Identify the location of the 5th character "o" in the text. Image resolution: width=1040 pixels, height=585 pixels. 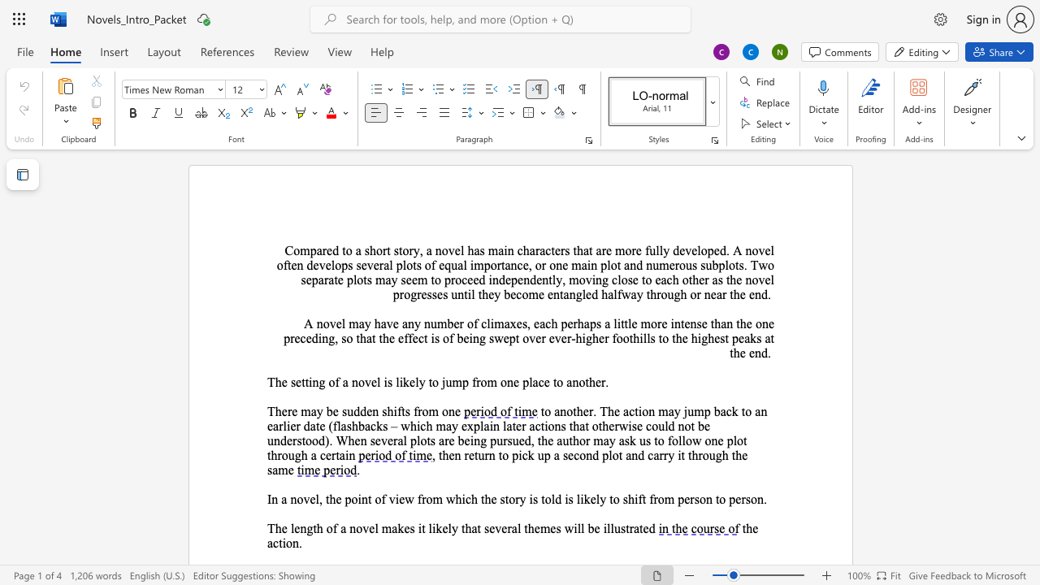
(511, 498).